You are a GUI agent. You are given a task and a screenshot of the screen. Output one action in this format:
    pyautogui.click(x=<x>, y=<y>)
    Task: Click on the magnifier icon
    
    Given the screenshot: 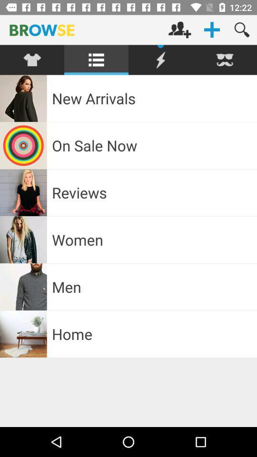 What is the action you would take?
    pyautogui.click(x=242, y=30)
    